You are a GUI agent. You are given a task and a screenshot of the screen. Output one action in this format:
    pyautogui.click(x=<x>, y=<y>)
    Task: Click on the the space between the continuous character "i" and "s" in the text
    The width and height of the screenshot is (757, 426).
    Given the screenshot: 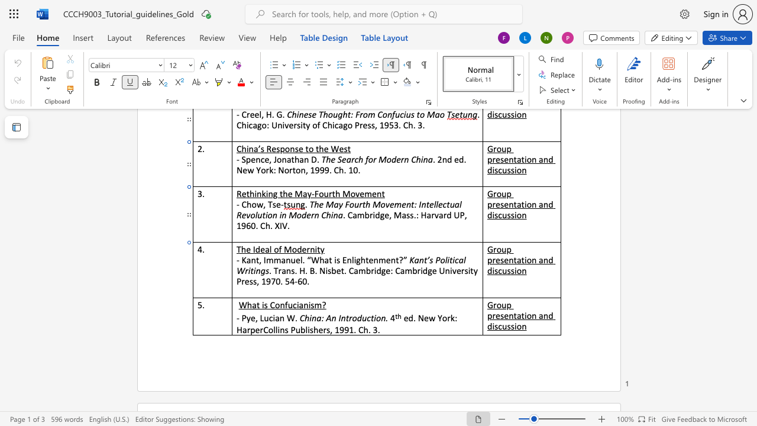 What is the action you would take?
    pyautogui.click(x=328, y=270)
    